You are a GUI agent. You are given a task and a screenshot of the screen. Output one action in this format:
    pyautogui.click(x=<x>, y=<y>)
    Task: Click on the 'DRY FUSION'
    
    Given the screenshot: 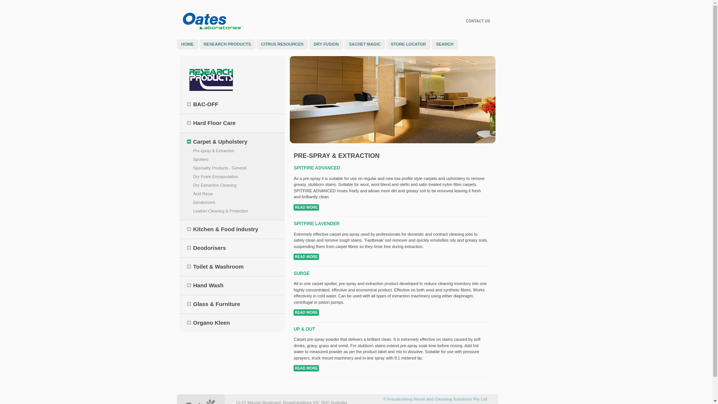 What is the action you would take?
    pyautogui.click(x=326, y=44)
    